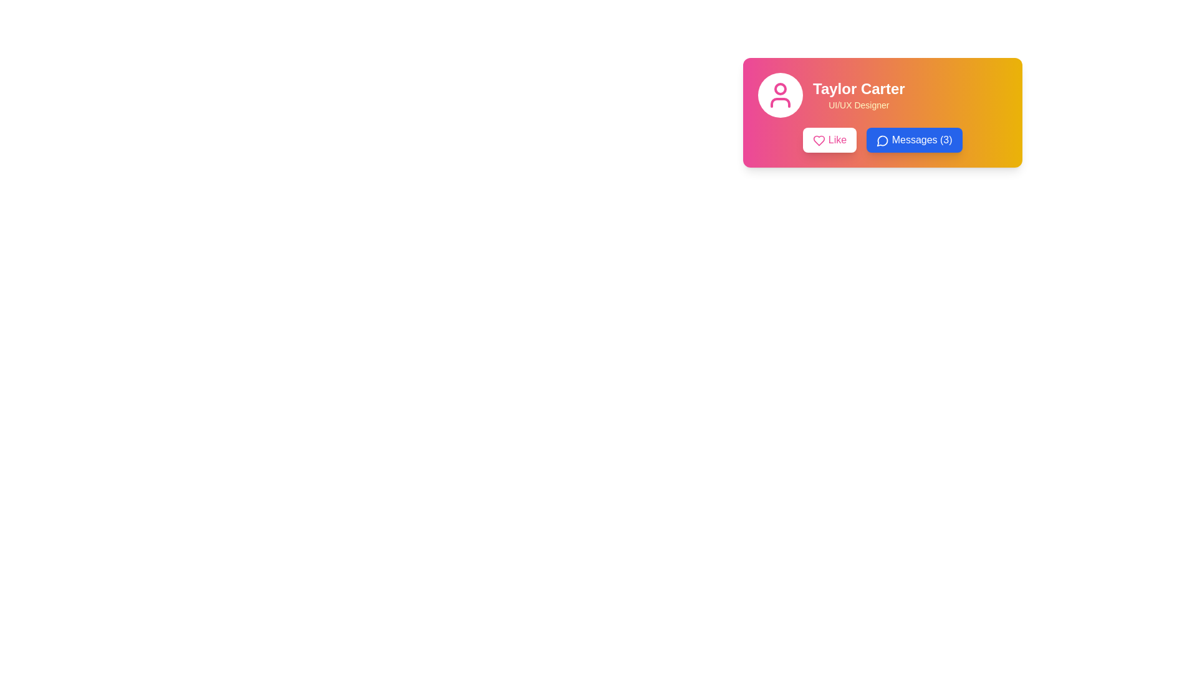 The image size is (1197, 673). I want to click on the user identification label located at the upper part of the rectangular card component, which is to the right of the circular avatar icon, so click(882, 95).